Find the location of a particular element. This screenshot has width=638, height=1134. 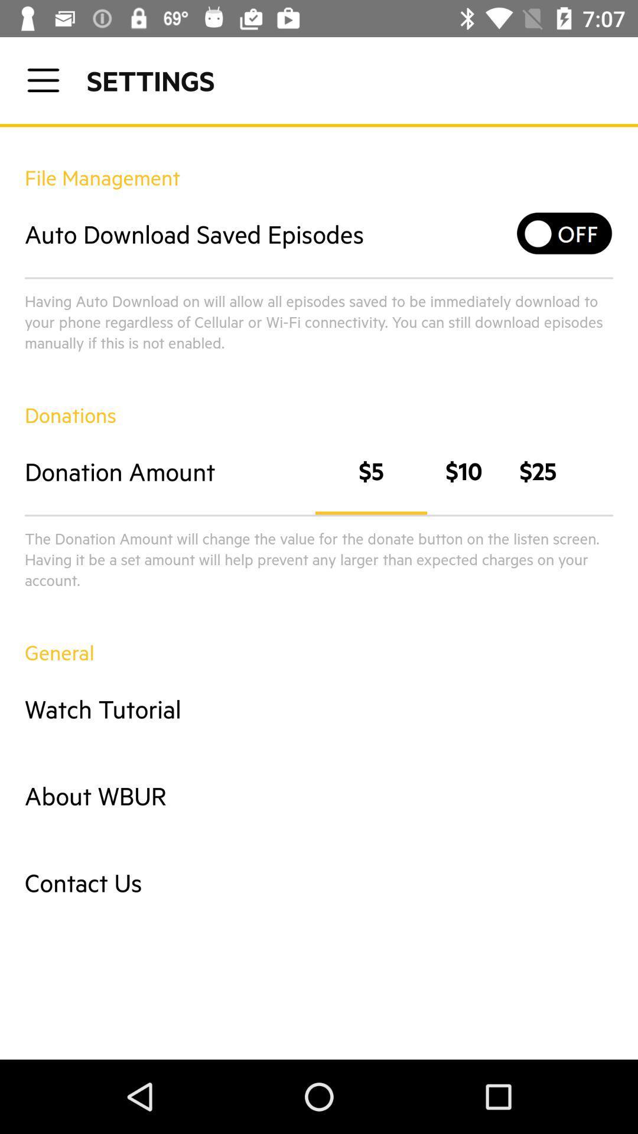

the watch tutorial is located at coordinates (319, 709).